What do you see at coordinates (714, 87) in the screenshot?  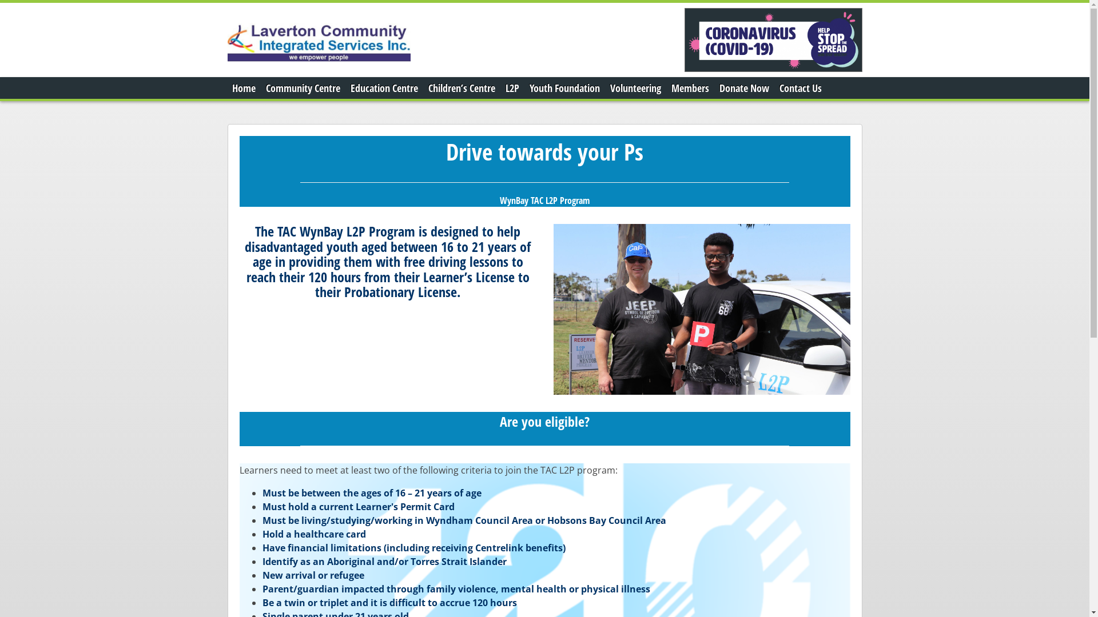 I see `'Donate Now'` at bounding box center [714, 87].